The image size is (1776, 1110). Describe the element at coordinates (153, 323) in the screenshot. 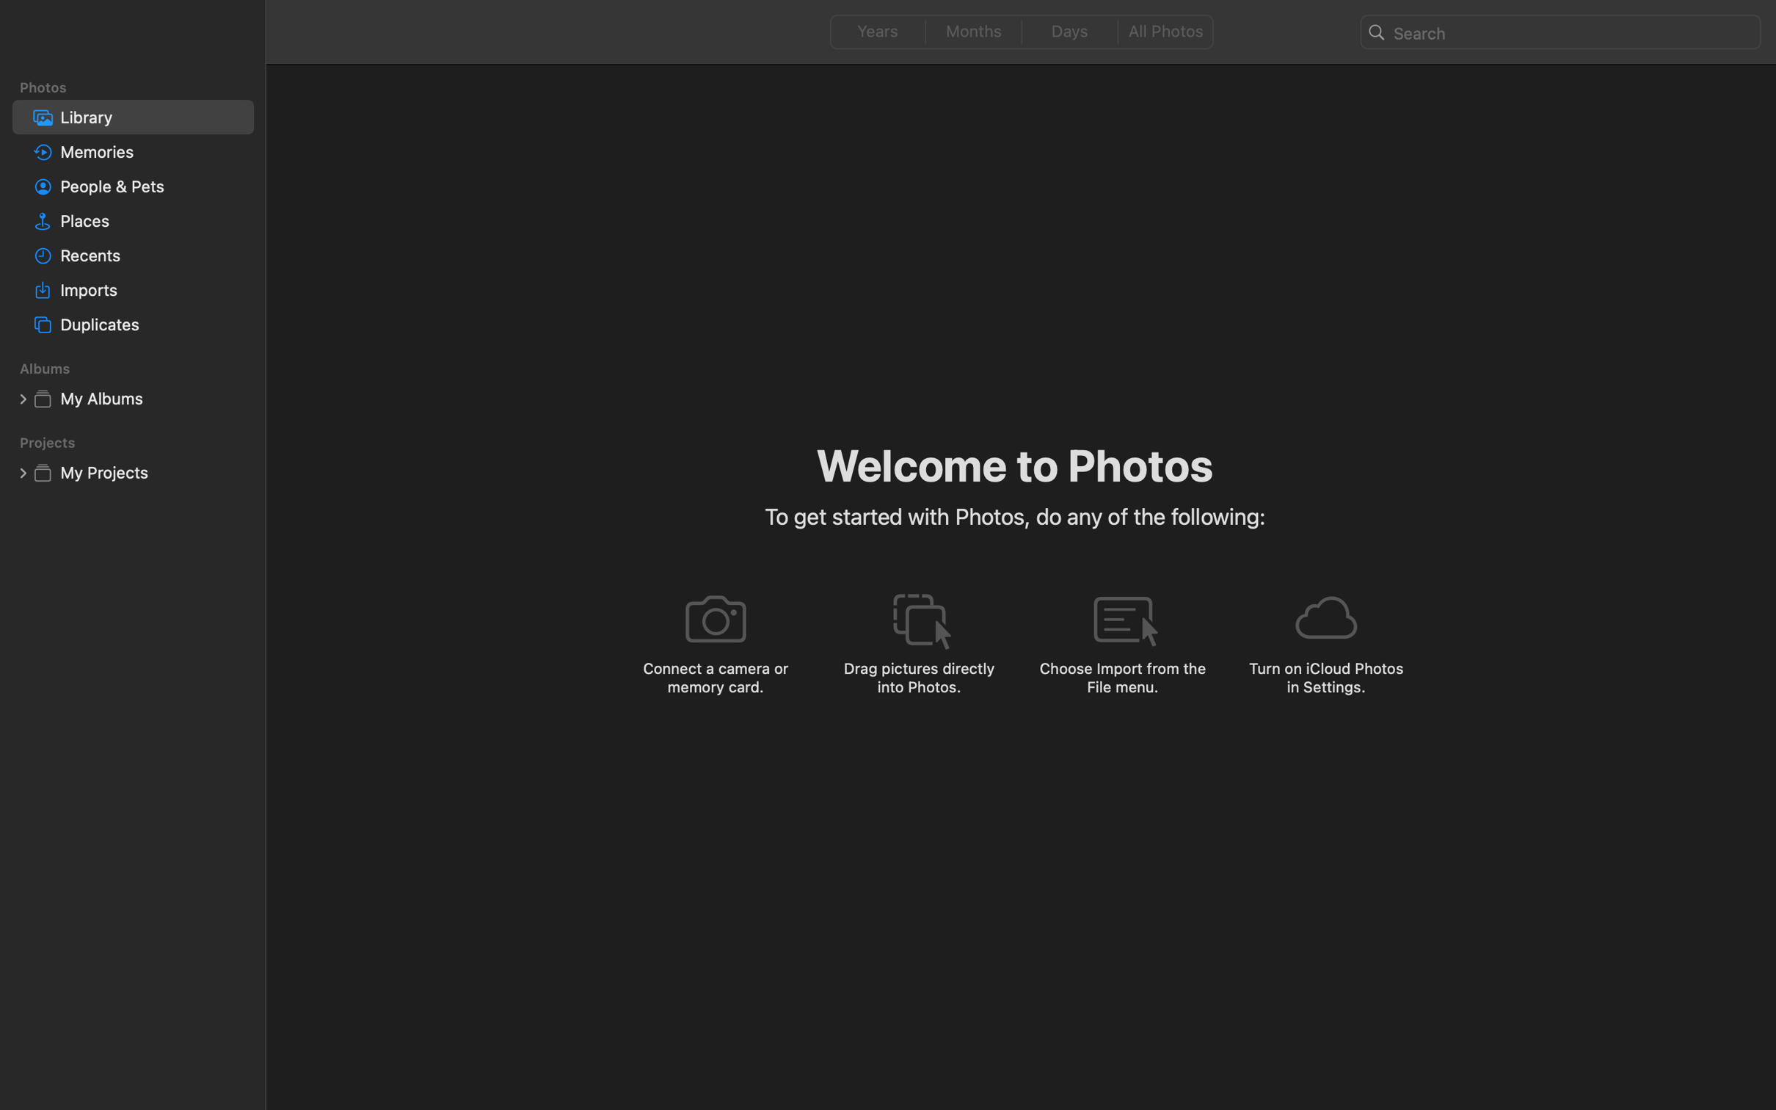

I see `'Duplicates'` at that location.